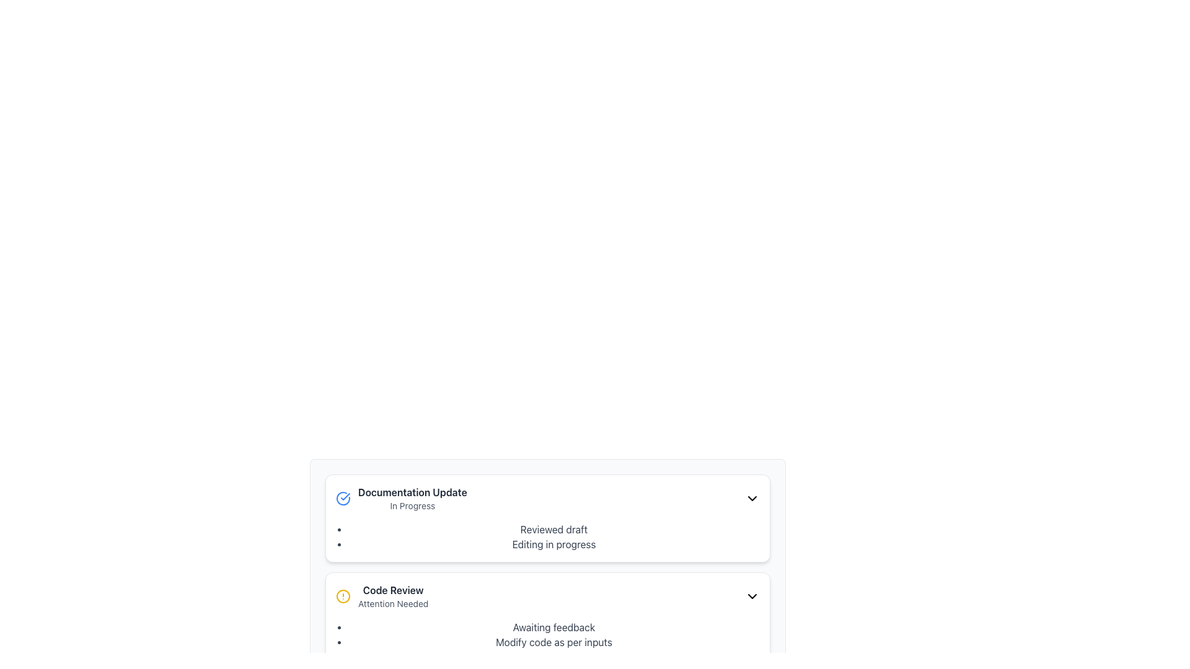  What do you see at coordinates (547, 596) in the screenshot?
I see `the Task Header element that summarizes the task 'Code Review' with the status 'Attention Needed' to enable further actions` at bounding box center [547, 596].